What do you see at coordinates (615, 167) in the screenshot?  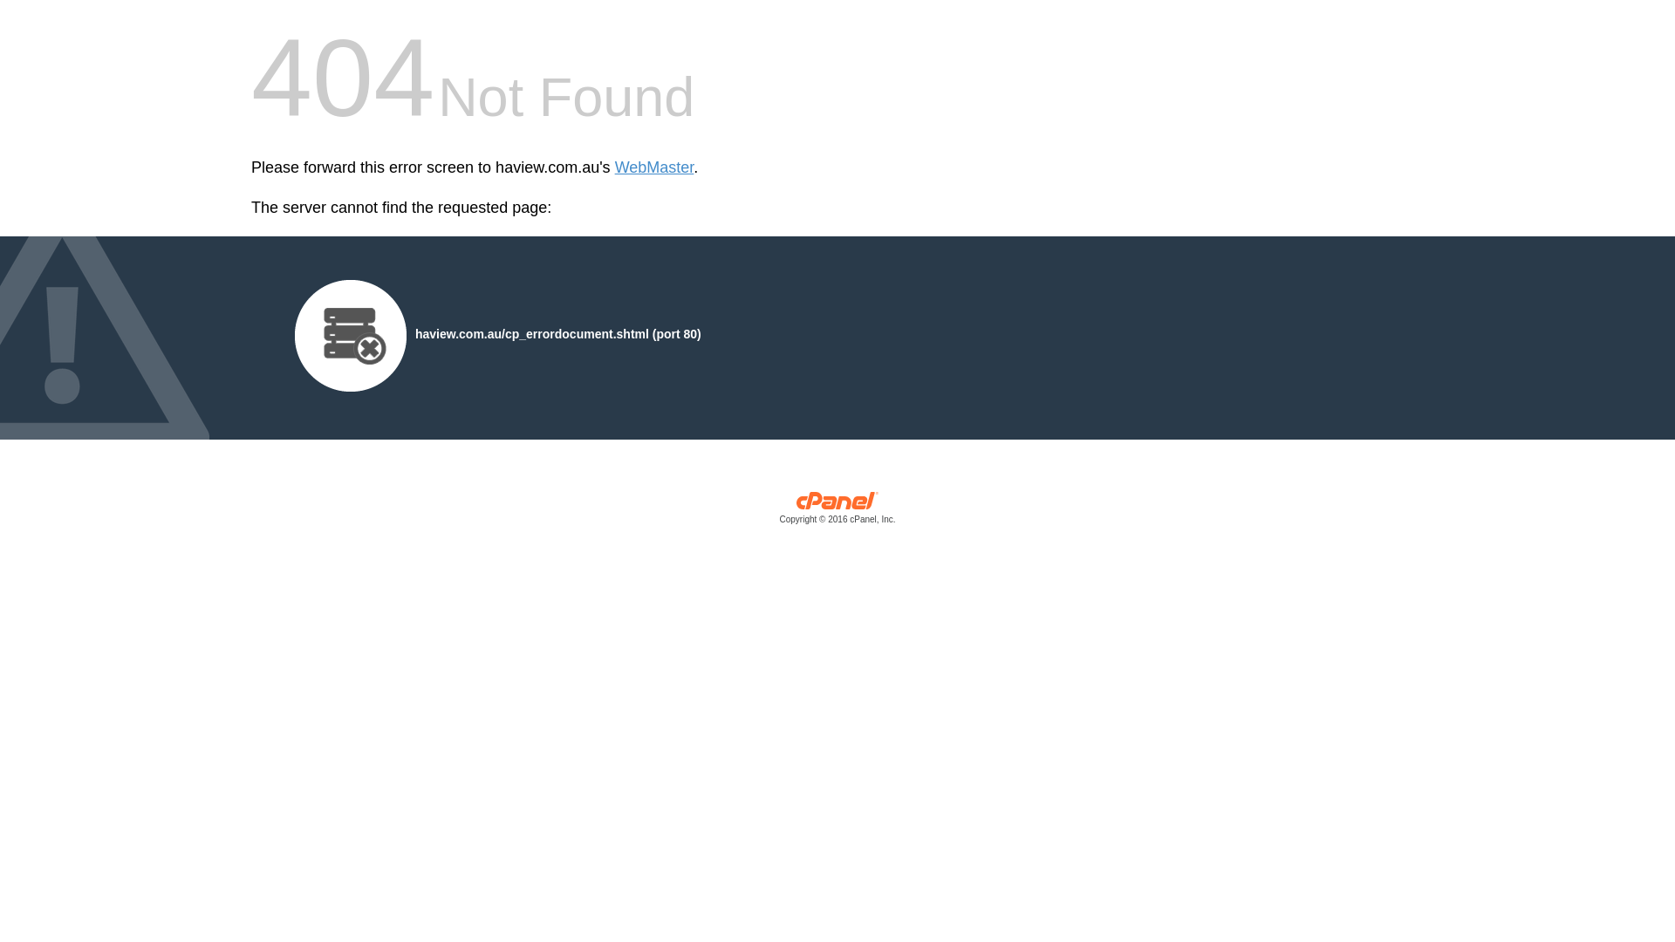 I see `'WebMaster'` at bounding box center [615, 167].